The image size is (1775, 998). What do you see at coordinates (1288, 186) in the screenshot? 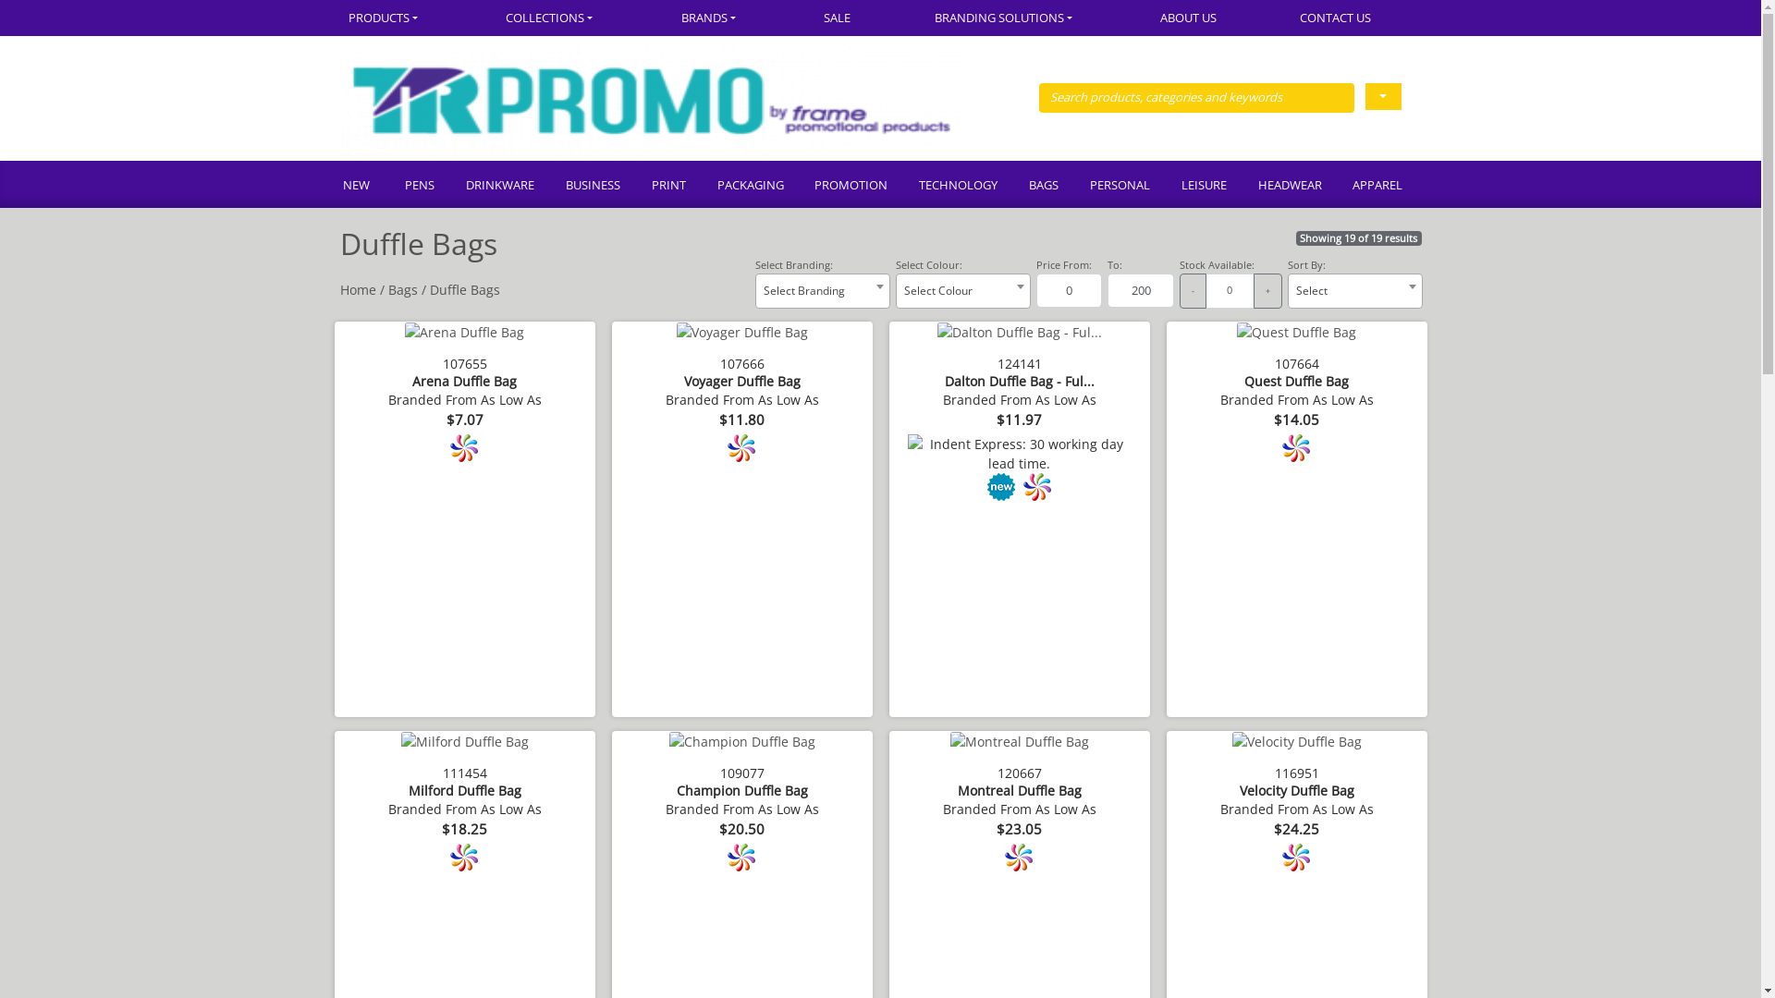
I see `'HEADWEAR'` at bounding box center [1288, 186].